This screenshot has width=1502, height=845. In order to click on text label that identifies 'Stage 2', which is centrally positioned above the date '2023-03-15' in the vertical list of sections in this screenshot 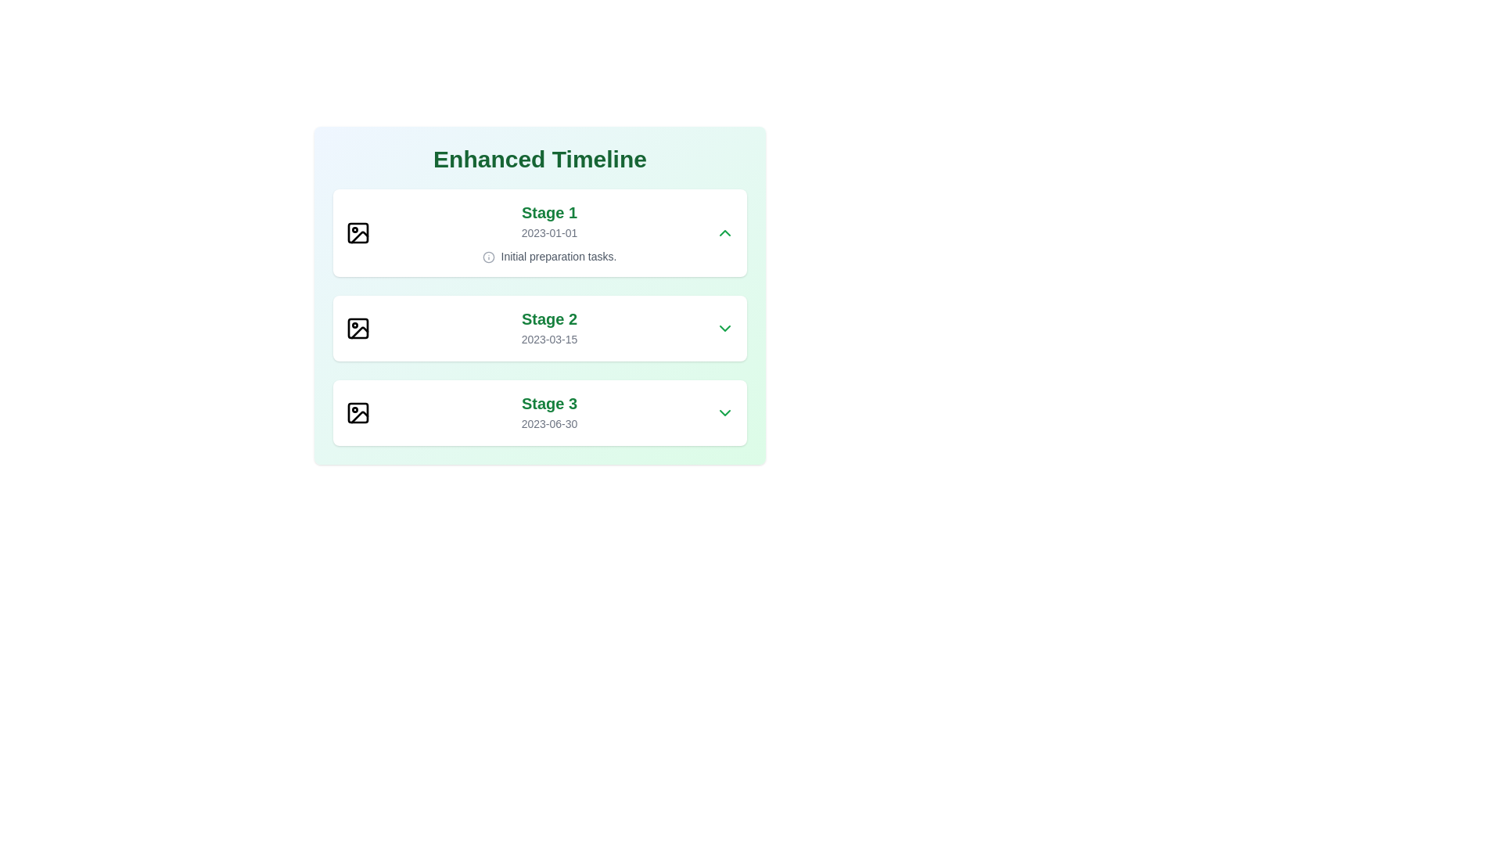, I will do `click(549, 318)`.